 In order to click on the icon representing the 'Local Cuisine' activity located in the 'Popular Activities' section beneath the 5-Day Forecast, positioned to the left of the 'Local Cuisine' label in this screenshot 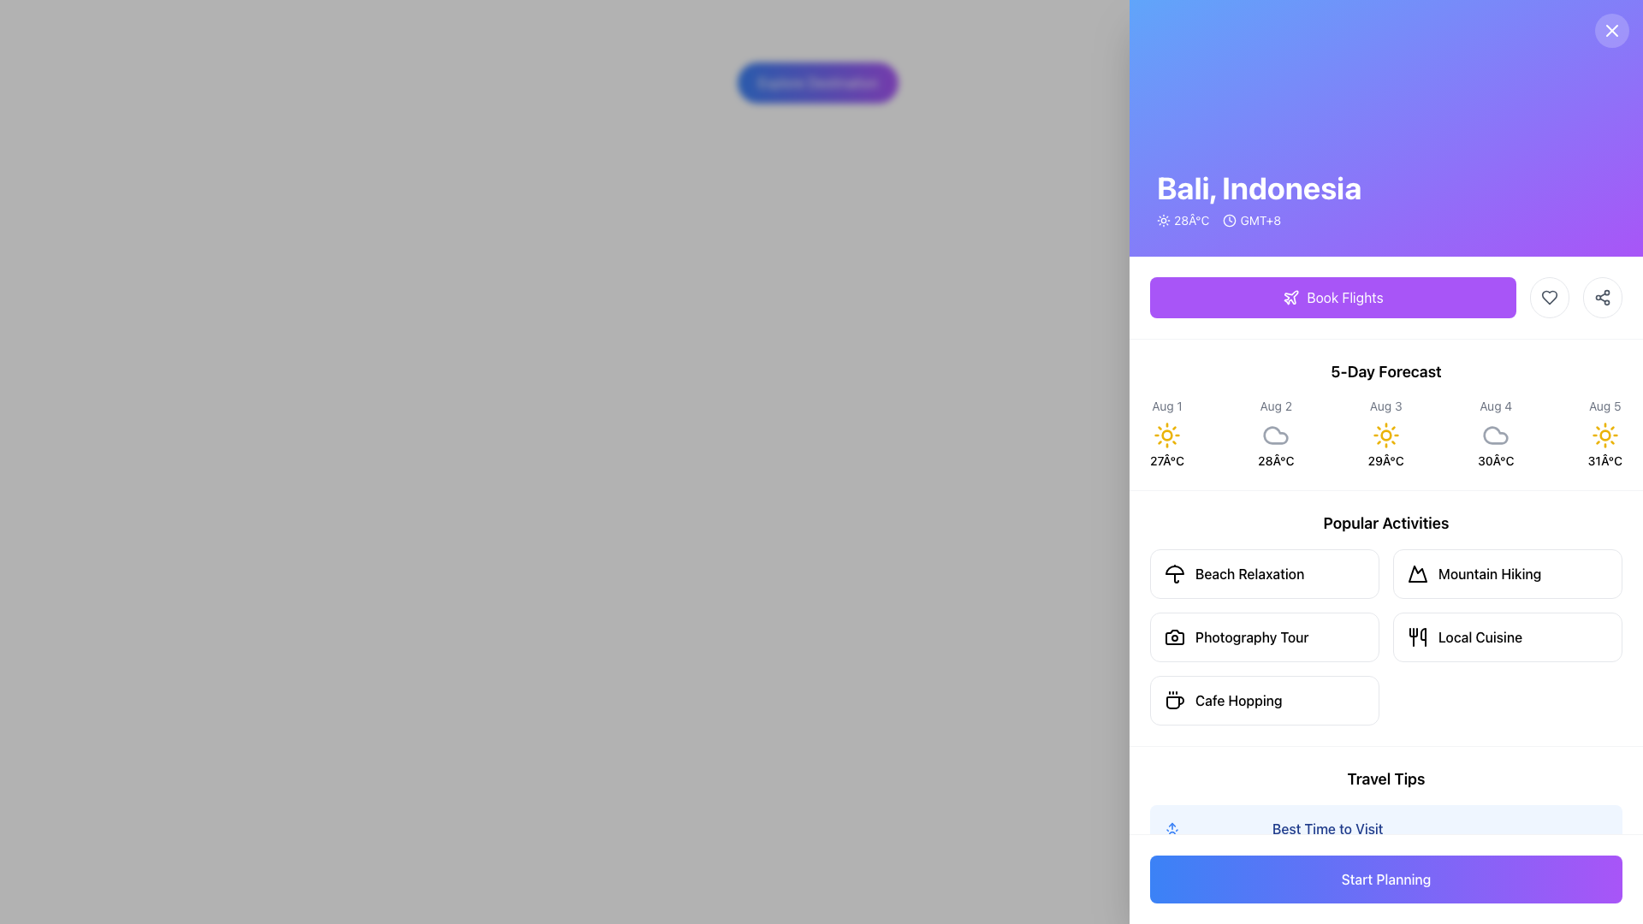, I will do `click(1417, 637)`.